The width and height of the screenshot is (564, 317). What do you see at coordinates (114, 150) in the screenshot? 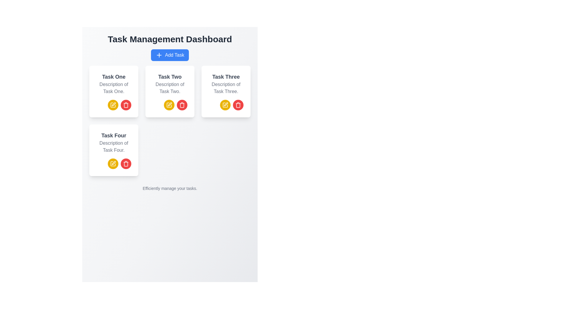
I see `task title 'Task Four' and description 'Description of Task Four' from the task card located in the lower-left part of the grid layout` at bounding box center [114, 150].